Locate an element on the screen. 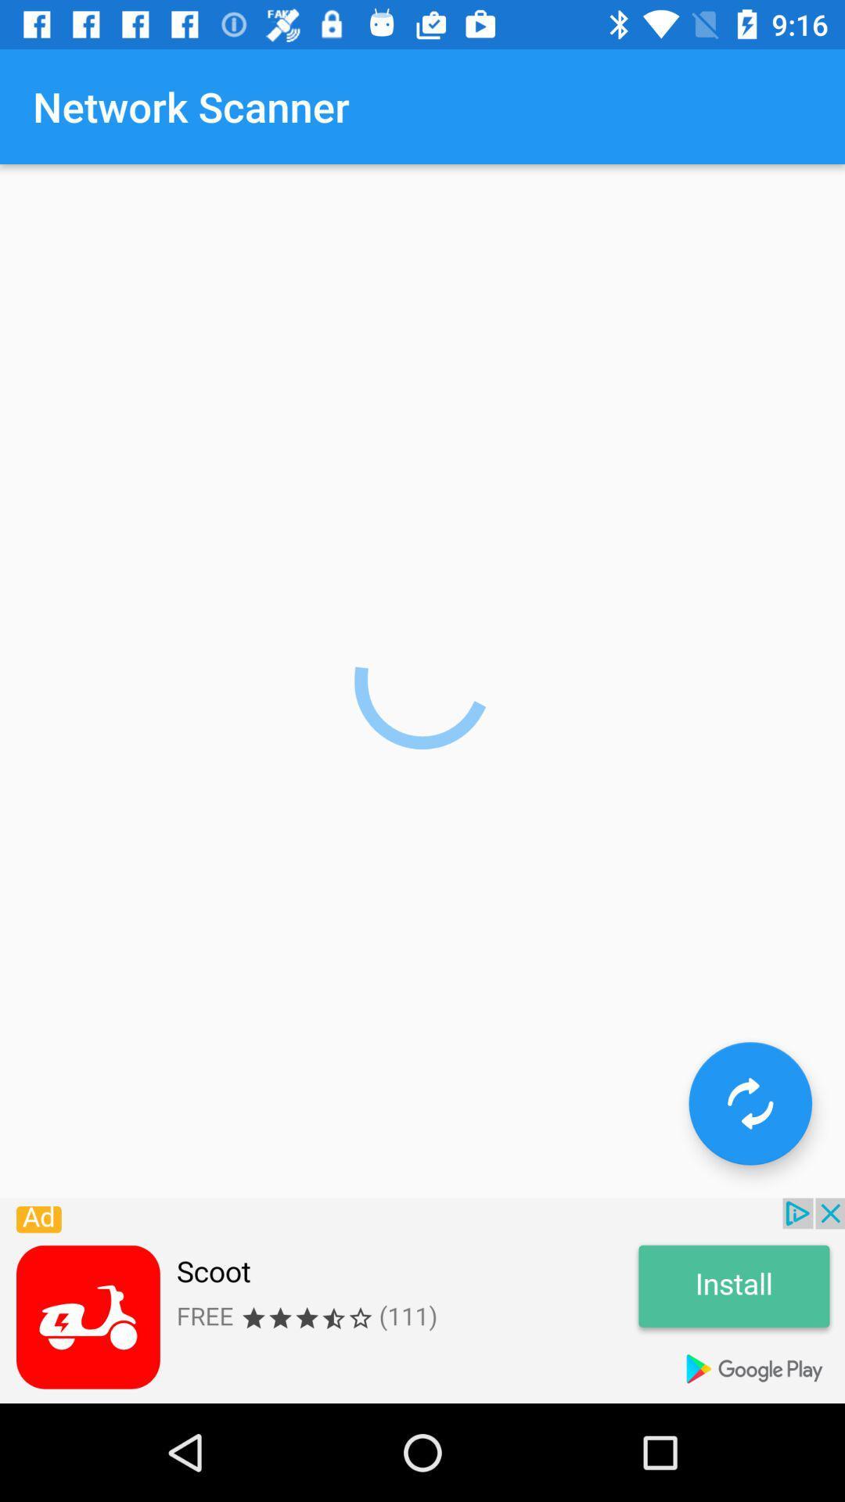 The image size is (845, 1502). link to advertisement link is located at coordinates (422, 1300).